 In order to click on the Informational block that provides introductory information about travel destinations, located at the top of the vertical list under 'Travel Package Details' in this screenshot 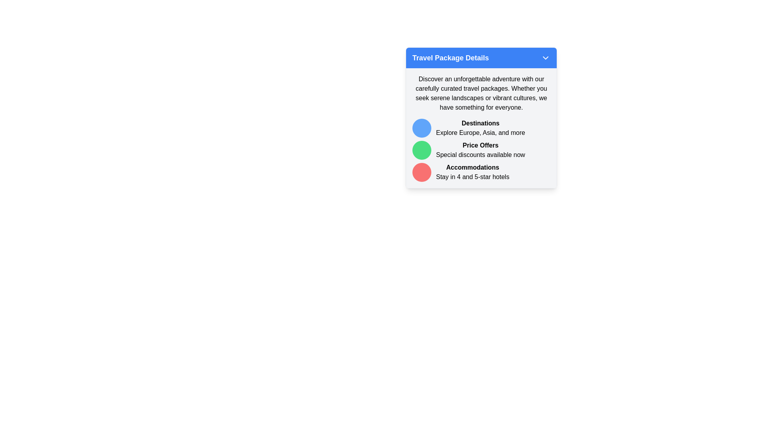, I will do `click(481, 127)`.